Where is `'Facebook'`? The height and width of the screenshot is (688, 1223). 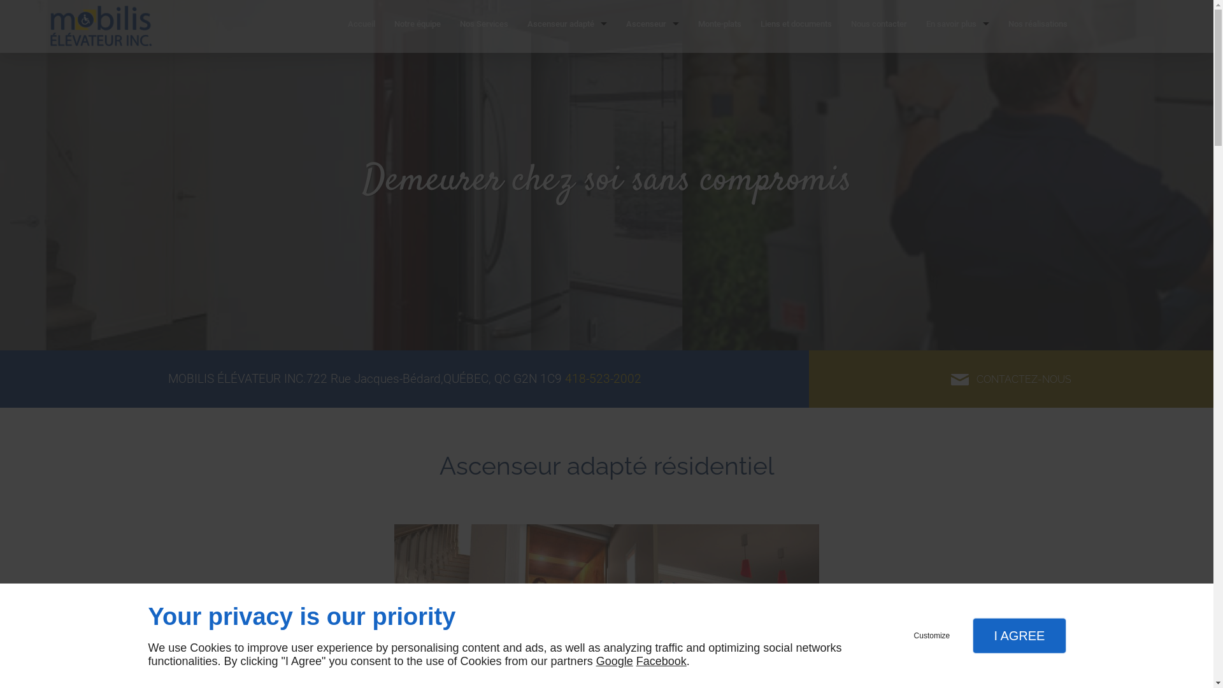
'Facebook' is located at coordinates (661, 660).